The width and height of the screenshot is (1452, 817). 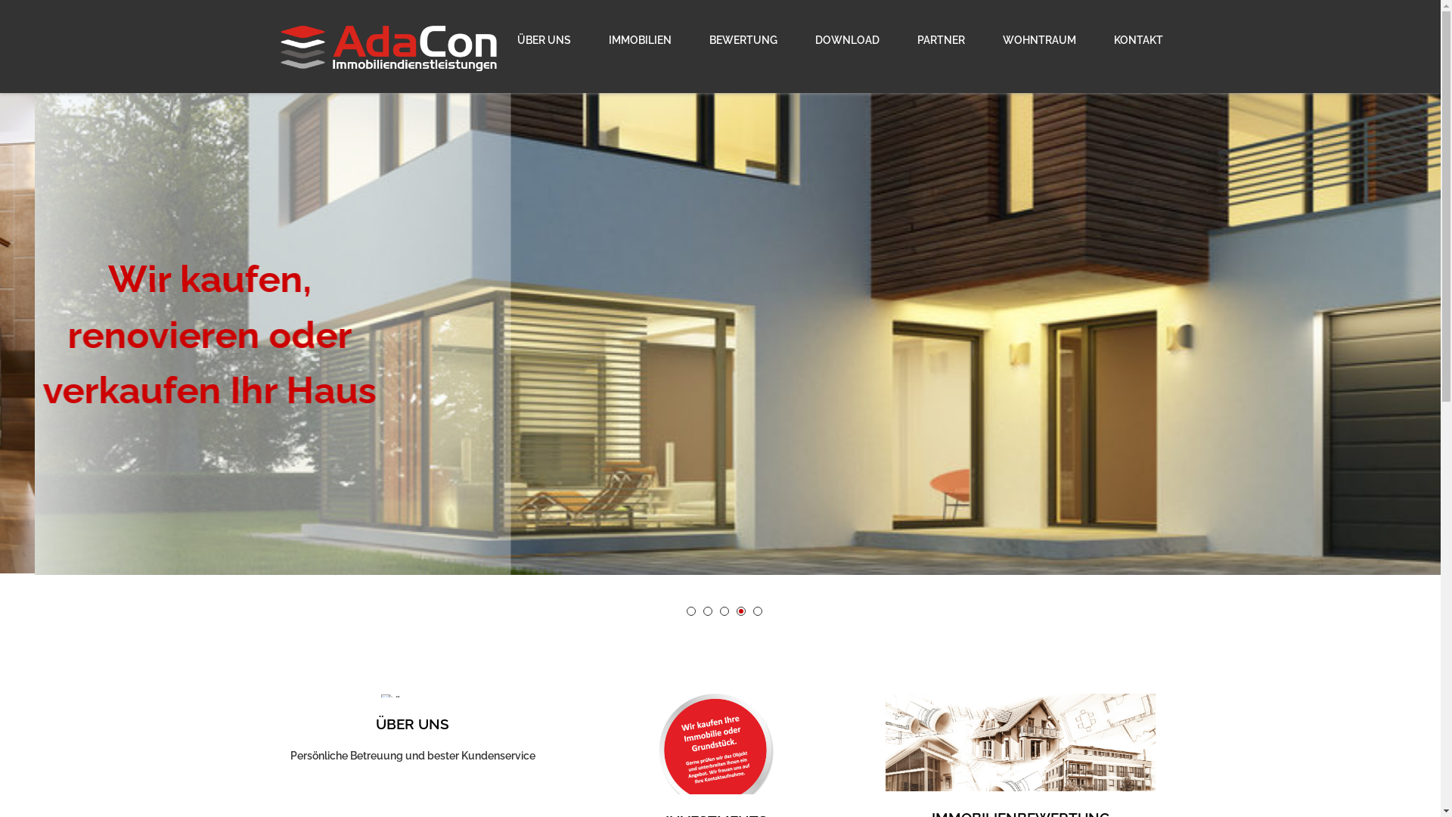 What do you see at coordinates (690, 610) in the screenshot?
I see `'1'` at bounding box center [690, 610].